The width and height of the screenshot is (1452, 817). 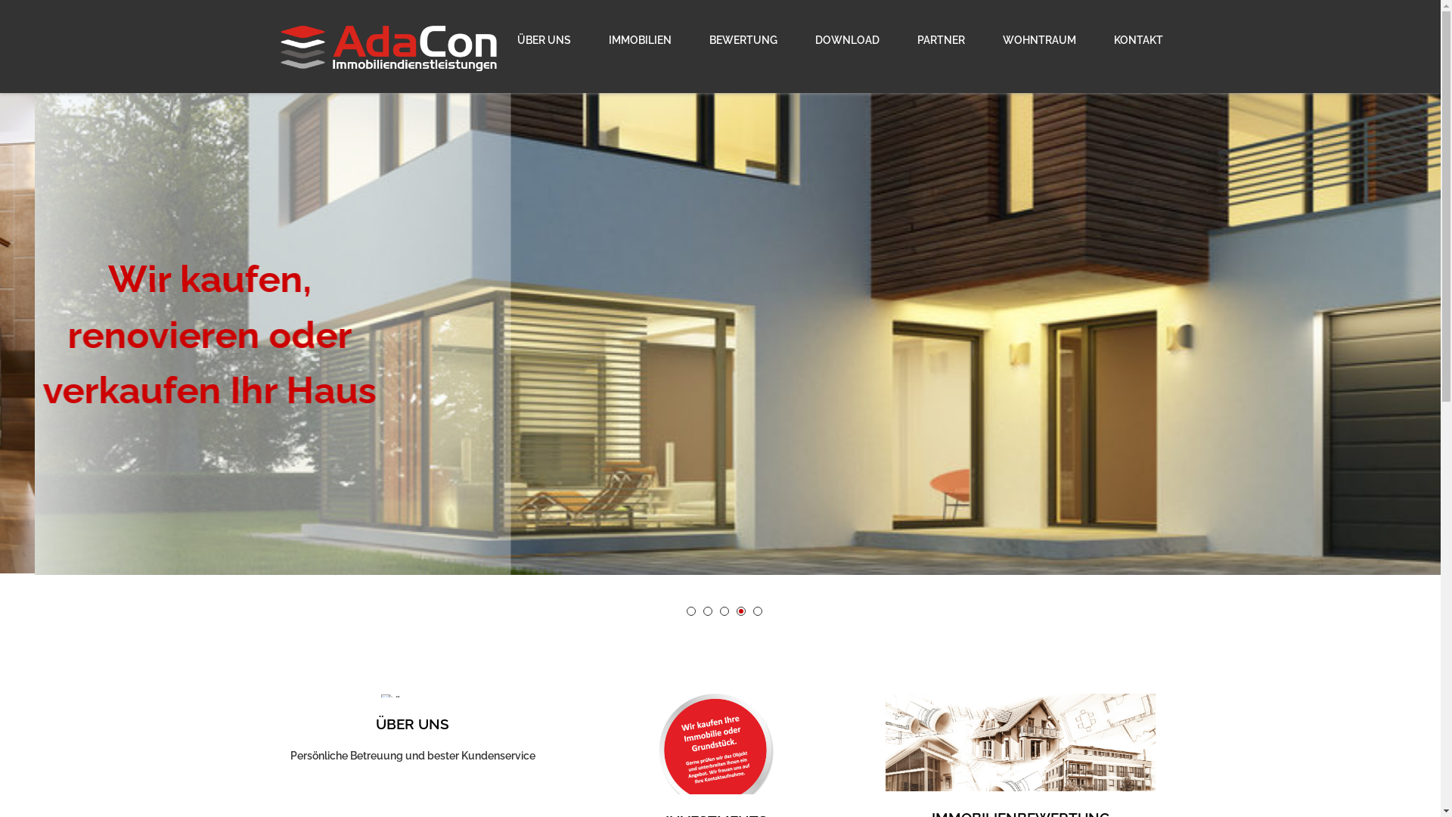 What do you see at coordinates (690, 610) in the screenshot?
I see `'1'` at bounding box center [690, 610].